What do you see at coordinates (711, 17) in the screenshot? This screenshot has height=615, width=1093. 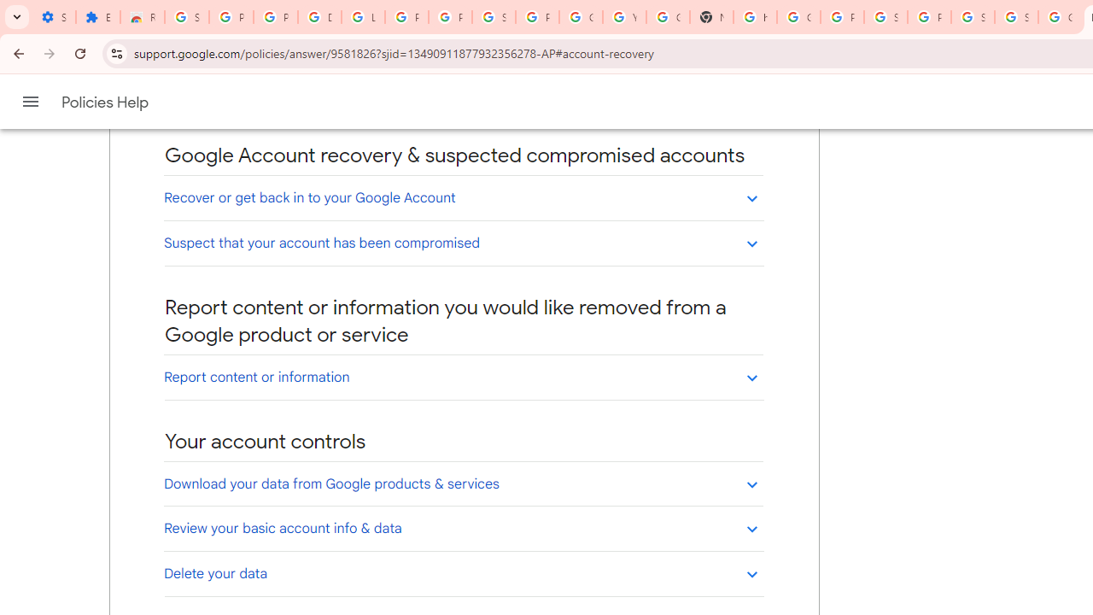 I see `'New Tab'` at bounding box center [711, 17].